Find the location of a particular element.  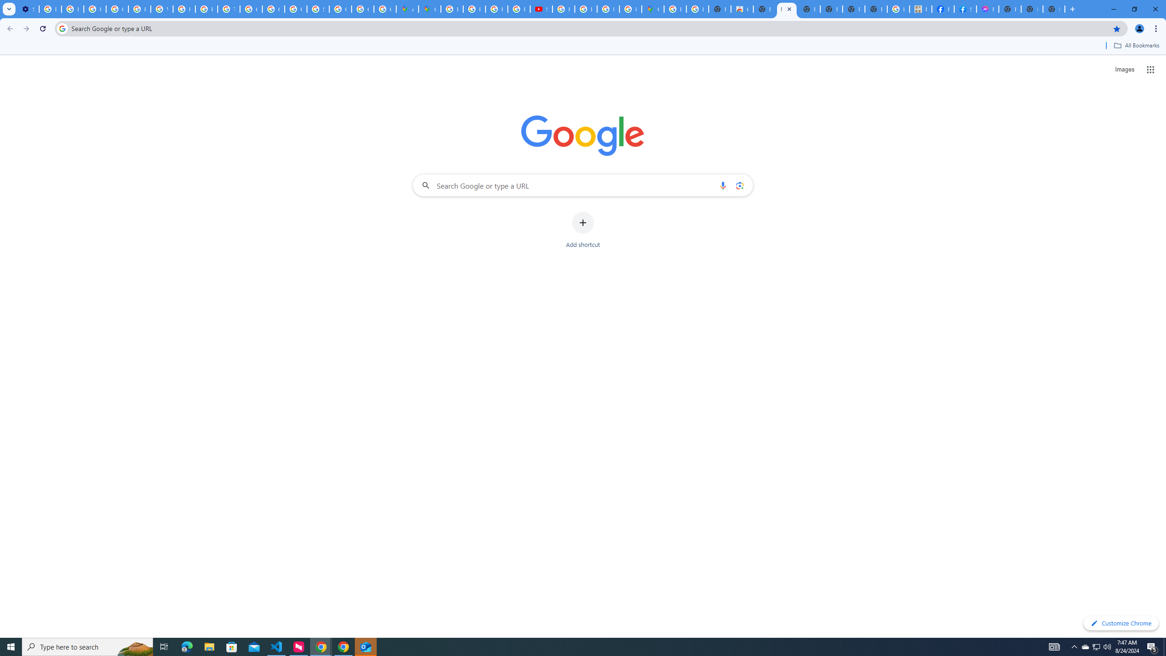

'https://scholar.google.com/' is located at coordinates (184, 9).